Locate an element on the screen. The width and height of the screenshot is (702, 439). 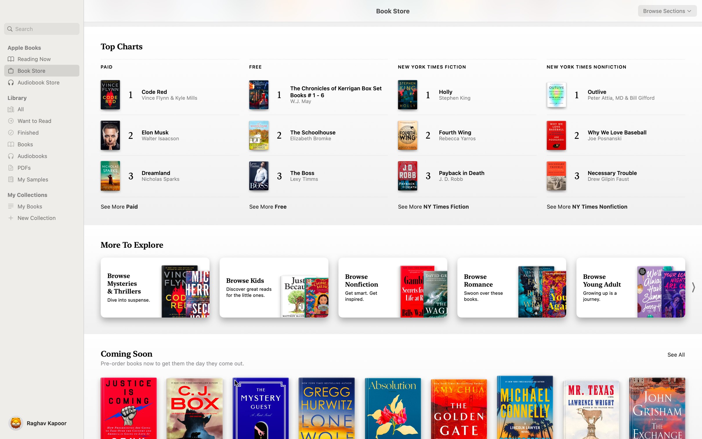
Browse Adult books from top right dropdown is located at coordinates (667, 11).